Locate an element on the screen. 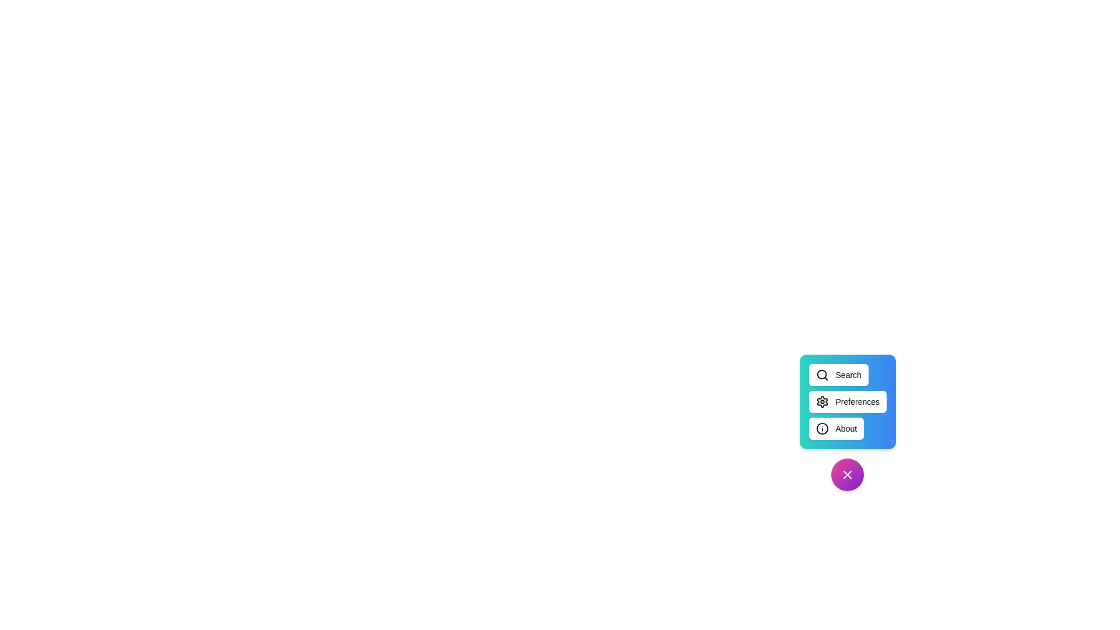  the central button to toggle the menu open or closed is located at coordinates (848, 474).